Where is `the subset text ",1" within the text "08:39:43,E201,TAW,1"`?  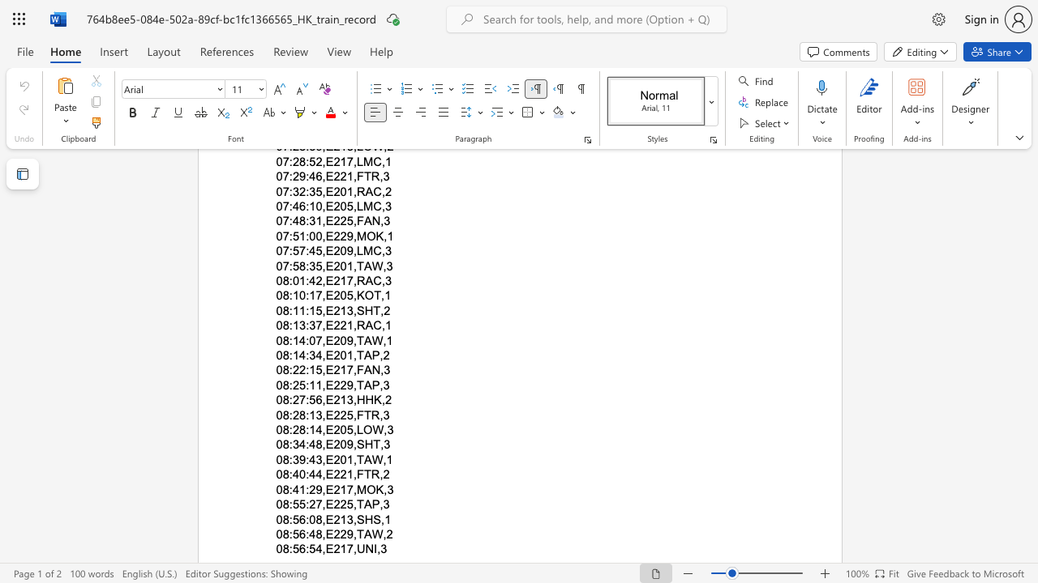 the subset text ",1" within the text "08:39:43,E201,TAW,1" is located at coordinates (382, 459).